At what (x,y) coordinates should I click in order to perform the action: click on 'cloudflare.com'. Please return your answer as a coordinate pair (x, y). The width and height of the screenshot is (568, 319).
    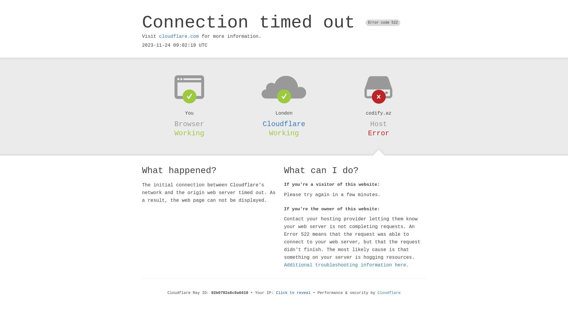
    Looking at the image, I should click on (178, 36).